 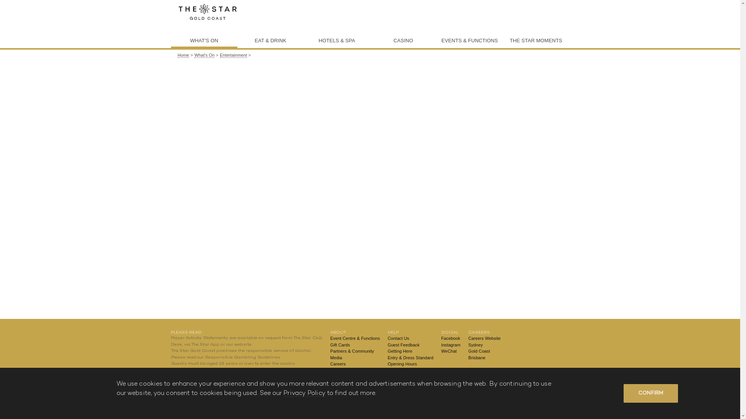 I want to click on 'Gift Cards', so click(x=354, y=345).